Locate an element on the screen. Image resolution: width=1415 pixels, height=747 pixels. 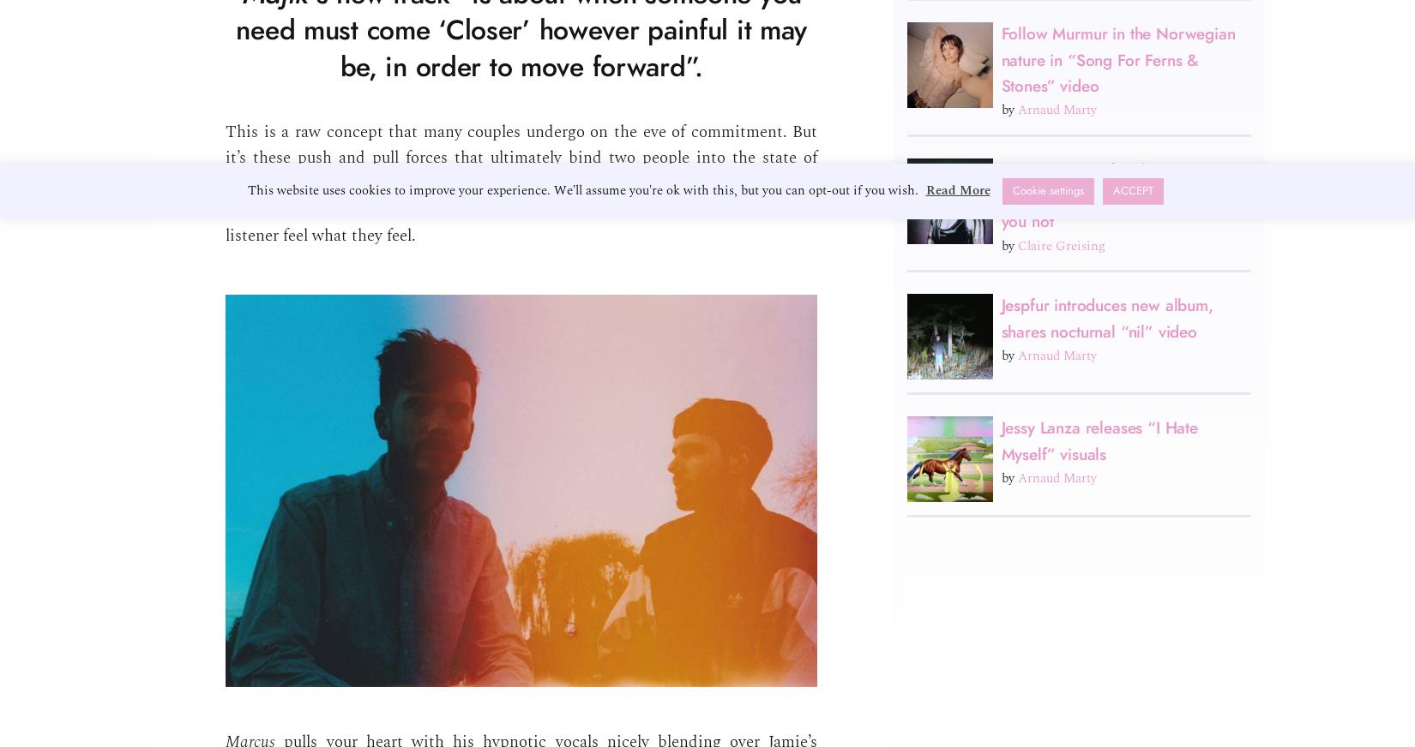
'Read More' is located at coordinates (957, 189).